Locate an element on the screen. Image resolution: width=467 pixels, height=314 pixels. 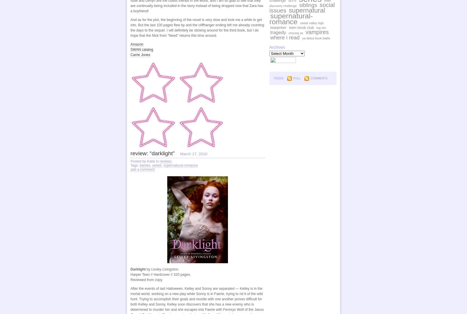
'ya debut book battle' is located at coordinates (302, 38).